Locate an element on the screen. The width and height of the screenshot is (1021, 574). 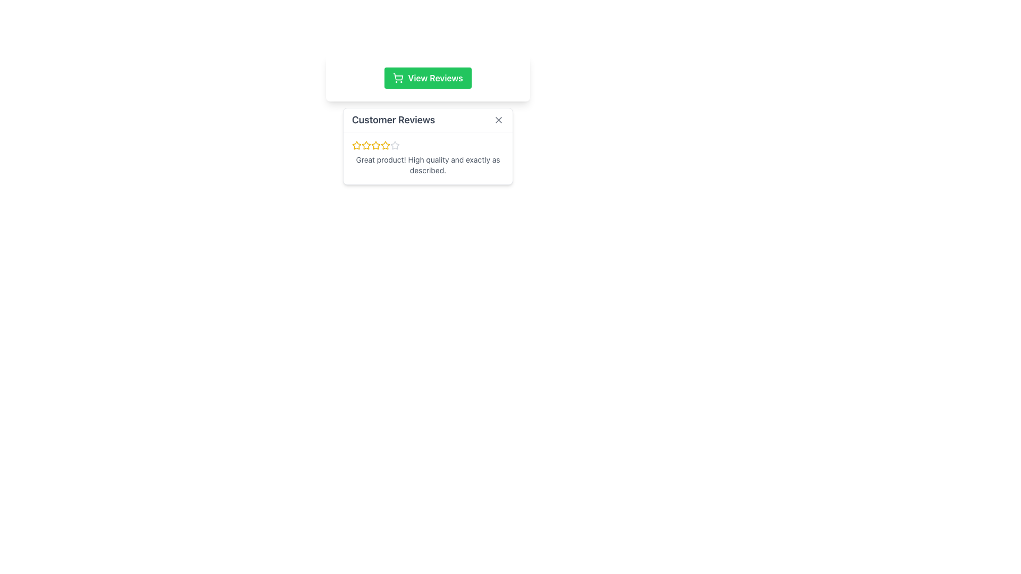
review content from the Review Box located in the 'Customer Reviews' section, which contains a rating represented by star icons and detailed review text is located at coordinates (428, 158).